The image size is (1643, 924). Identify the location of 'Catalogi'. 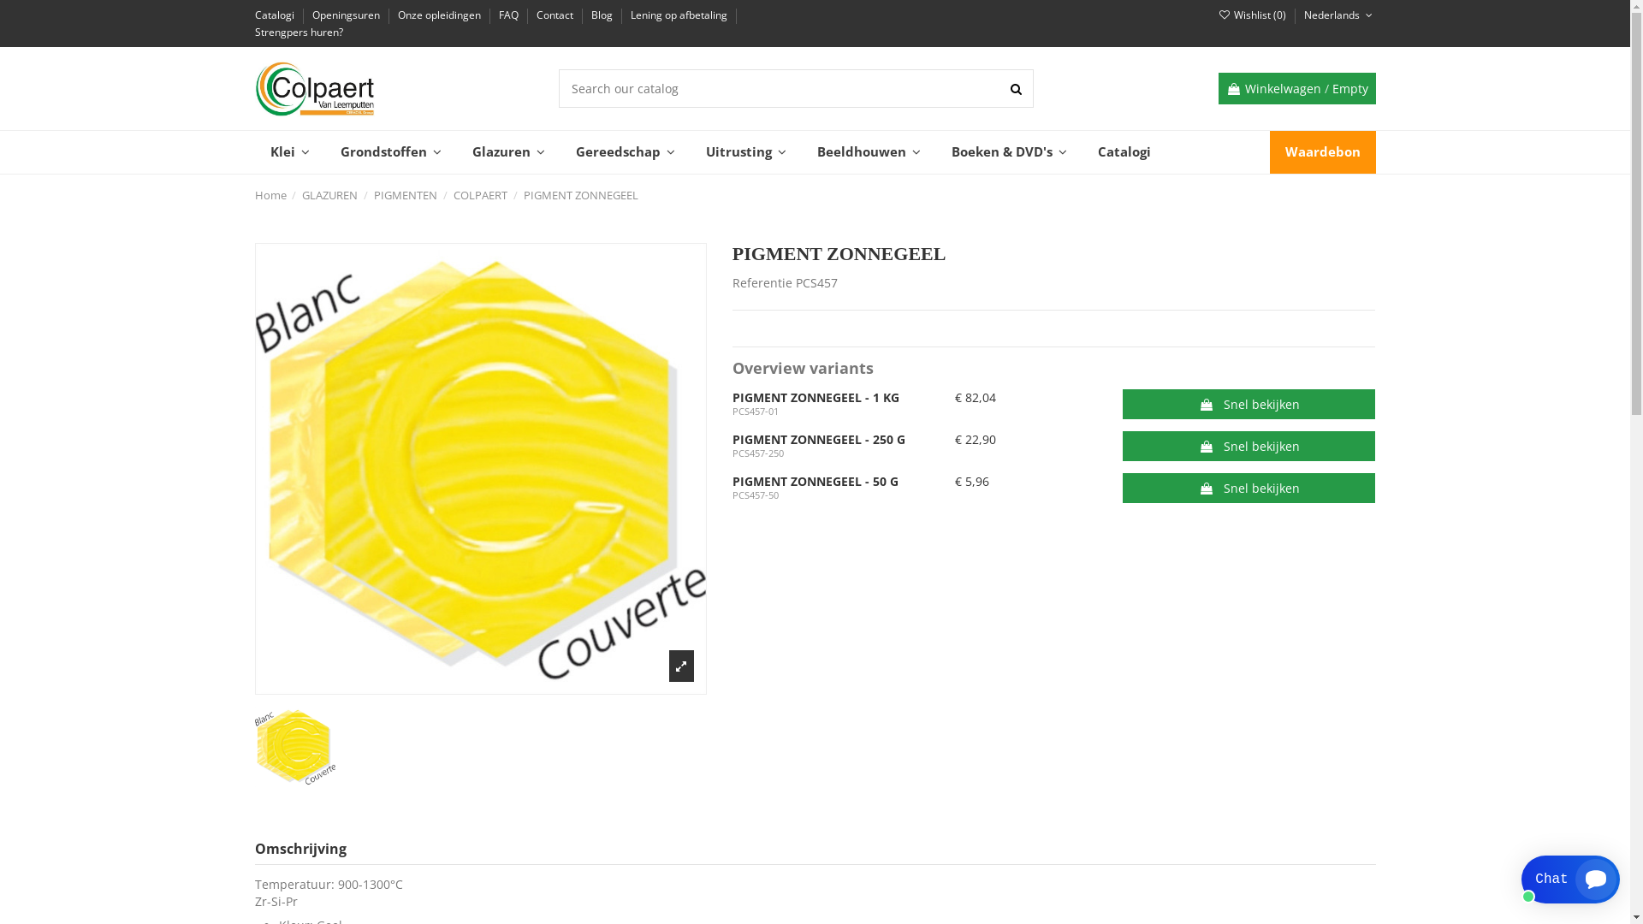
(276, 15).